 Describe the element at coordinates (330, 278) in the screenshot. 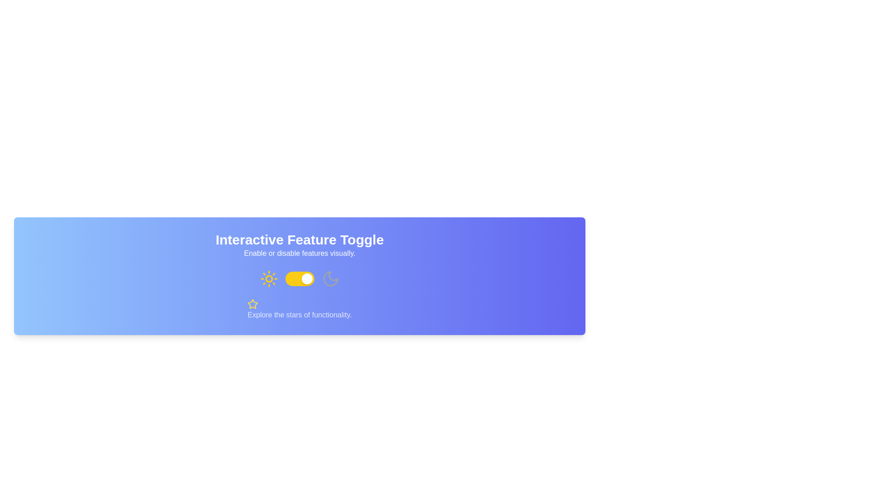

I see `the moon icon representing nighttime mode, located in the 'Interactive Feature Toggle' section, positioned rightmost among a sun icon and a toggle switch` at that location.